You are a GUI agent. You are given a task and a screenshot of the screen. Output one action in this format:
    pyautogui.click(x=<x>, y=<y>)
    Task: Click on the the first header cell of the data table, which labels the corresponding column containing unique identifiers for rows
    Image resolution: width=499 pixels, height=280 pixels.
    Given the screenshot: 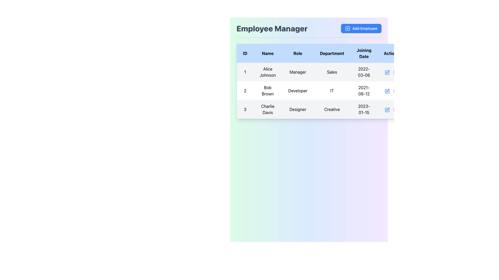 What is the action you would take?
    pyautogui.click(x=245, y=53)
    